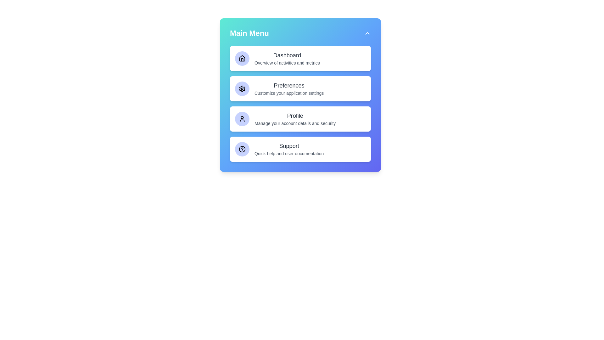 This screenshot has width=604, height=340. I want to click on the menu option Support, so click(300, 149).